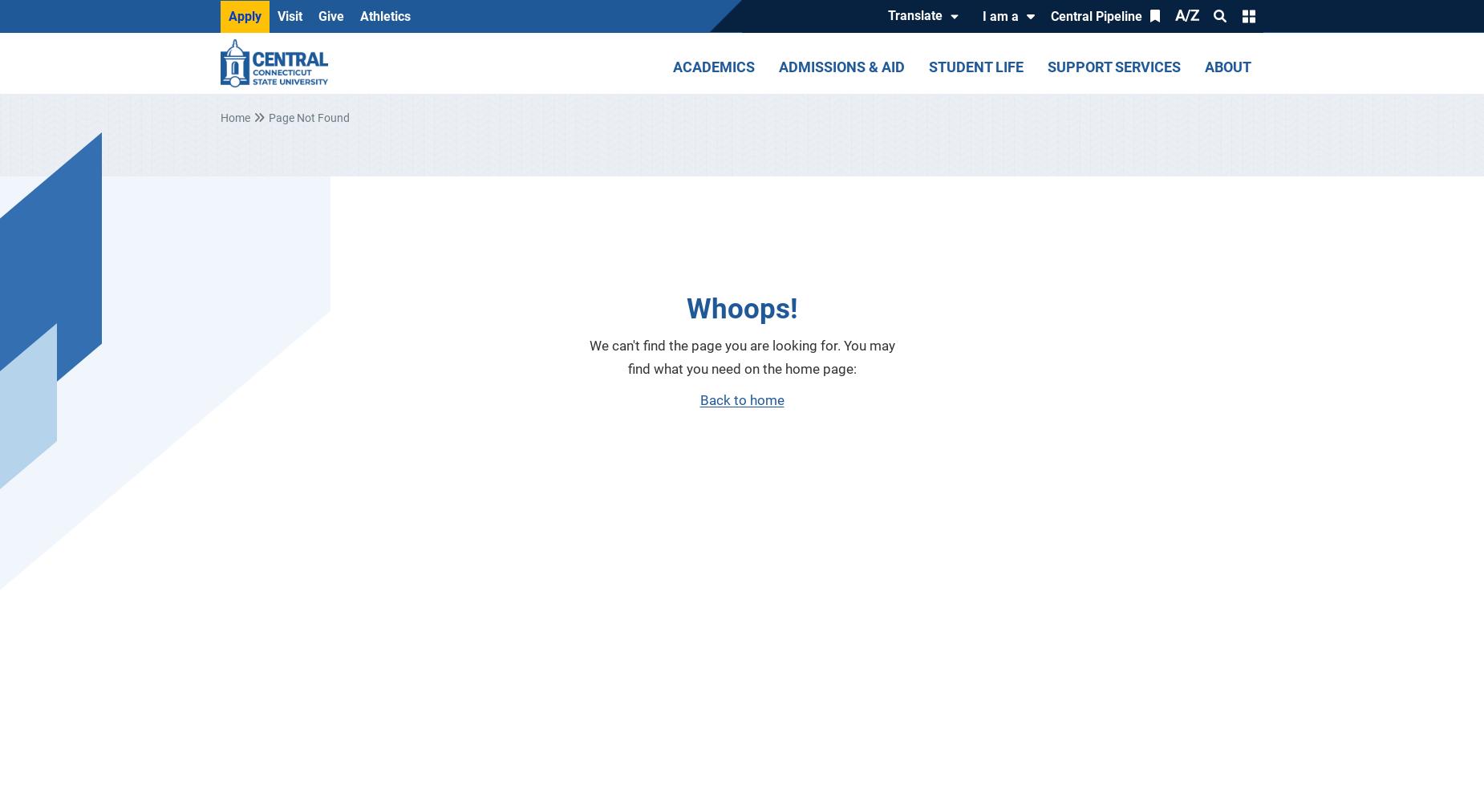  I want to click on 'Student Life', so click(927, 66).